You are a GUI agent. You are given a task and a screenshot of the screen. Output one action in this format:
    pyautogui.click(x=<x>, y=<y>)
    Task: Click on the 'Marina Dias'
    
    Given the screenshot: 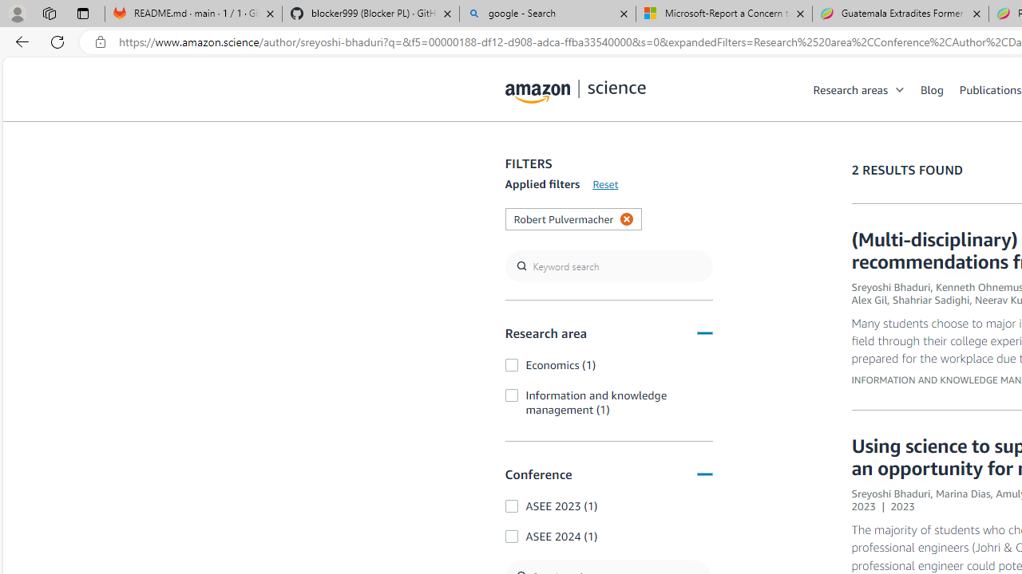 What is the action you would take?
    pyautogui.click(x=962, y=493)
    